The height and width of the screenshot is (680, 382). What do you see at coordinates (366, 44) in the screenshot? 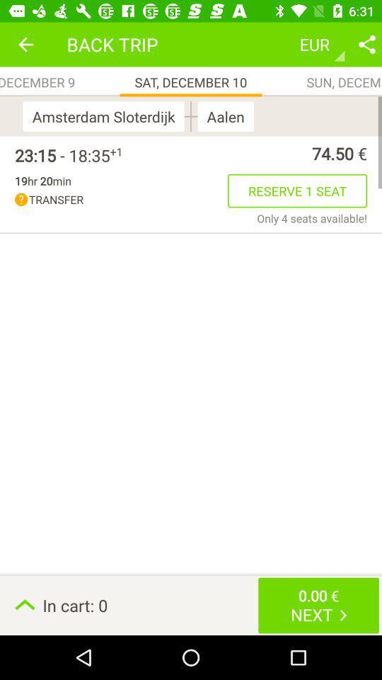
I see `use it to share what is on the screen` at bounding box center [366, 44].